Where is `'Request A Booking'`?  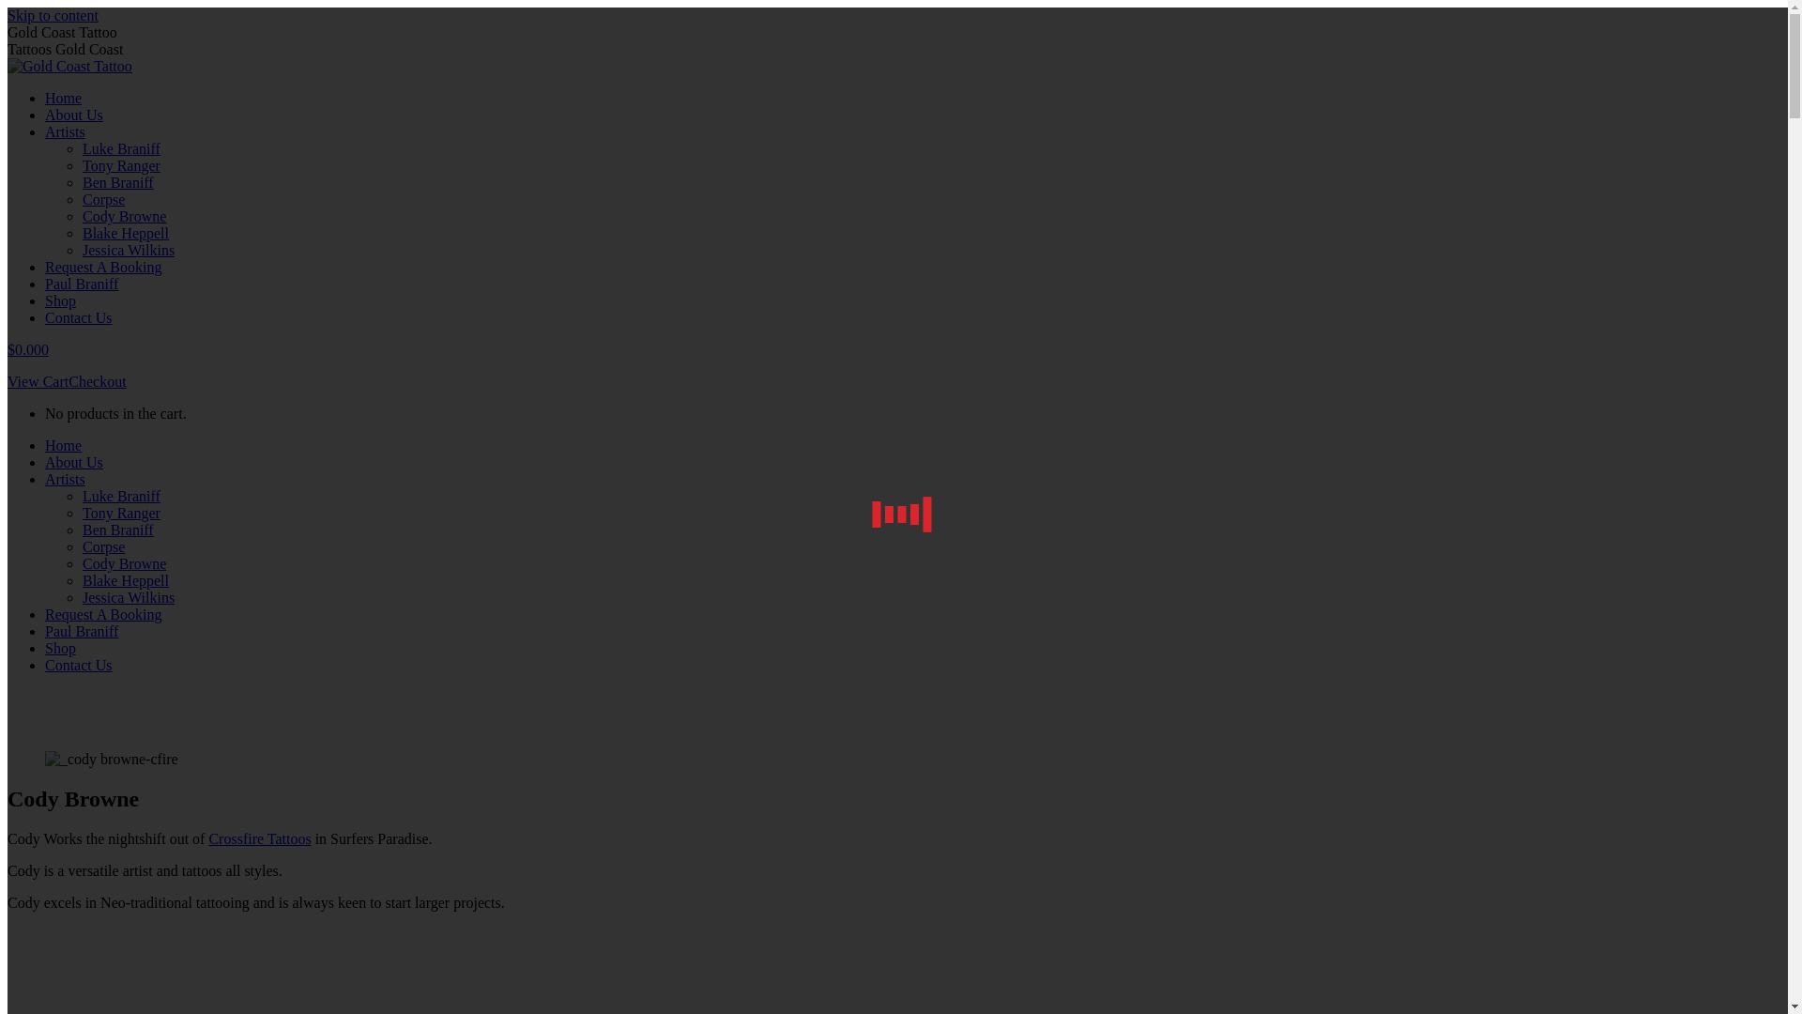
'Request A Booking' is located at coordinates (102, 614).